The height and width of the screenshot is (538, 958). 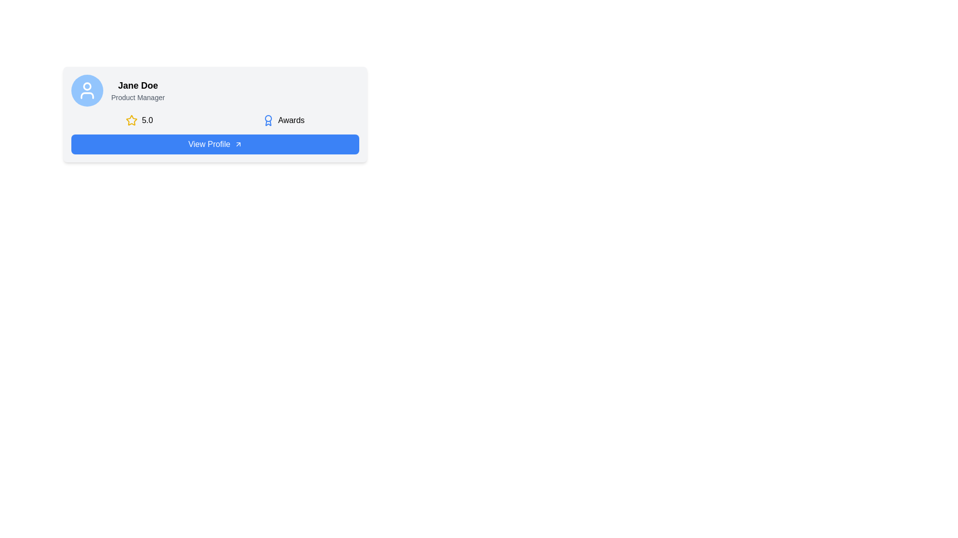 What do you see at coordinates (209, 144) in the screenshot?
I see `the 'View Profile' label of the button located at the center of the profile card, which facilitates navigation to the user's profile` at bounding box center [209, 144].